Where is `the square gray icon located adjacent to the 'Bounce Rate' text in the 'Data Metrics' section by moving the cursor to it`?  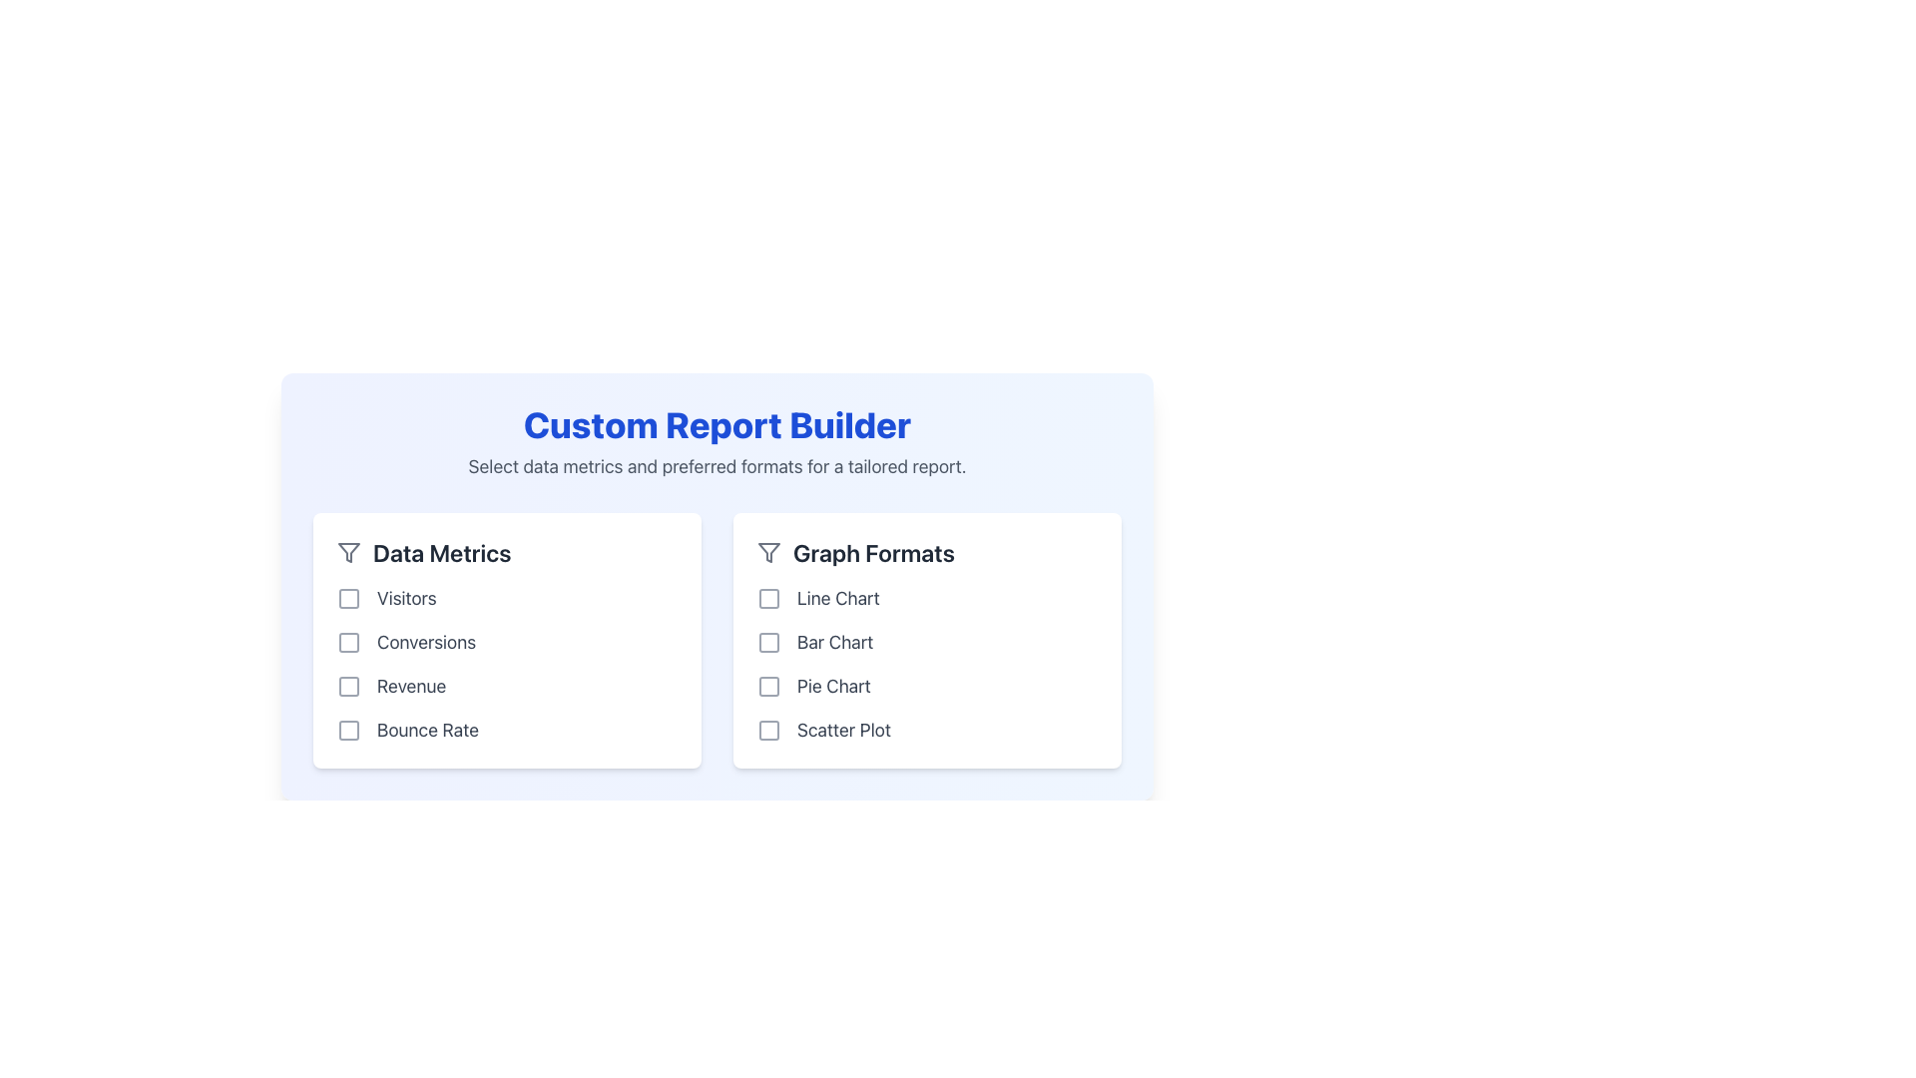
the square gray icon located adjacent to the 'Bounce Rate' text in the 'Data Metrics' section by moving the cursor to it is located at coordinates (349, 731).